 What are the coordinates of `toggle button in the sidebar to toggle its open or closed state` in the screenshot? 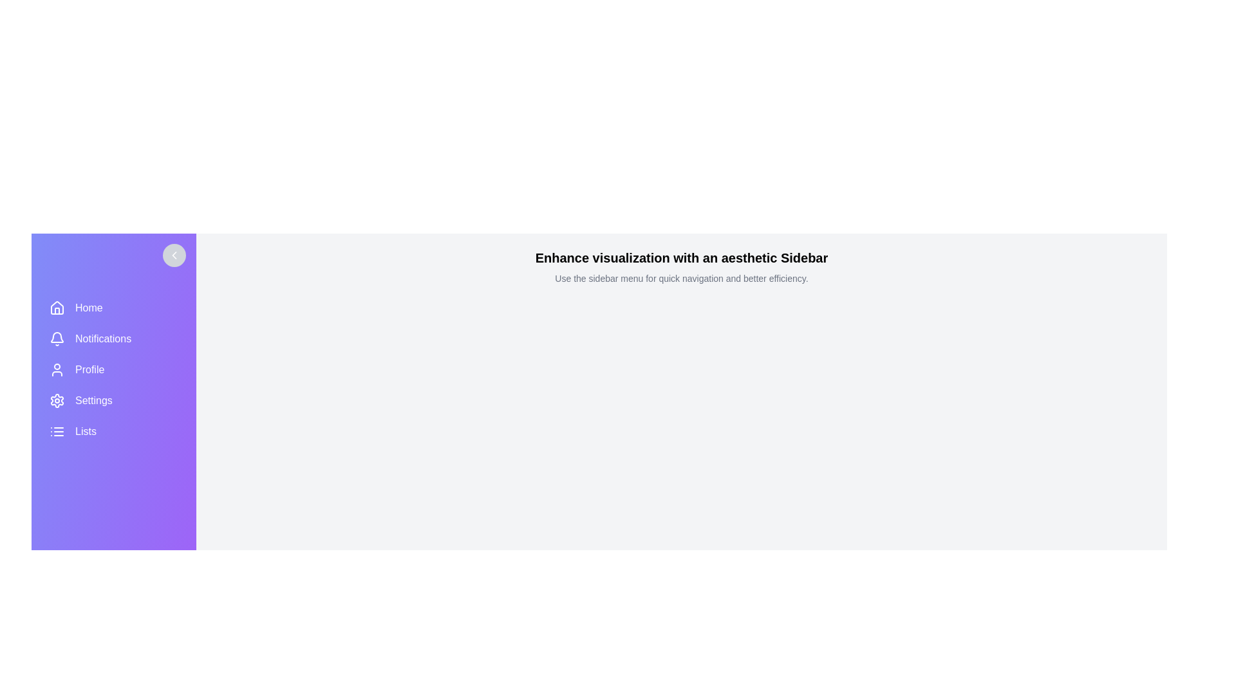 It's located at (173, 255).